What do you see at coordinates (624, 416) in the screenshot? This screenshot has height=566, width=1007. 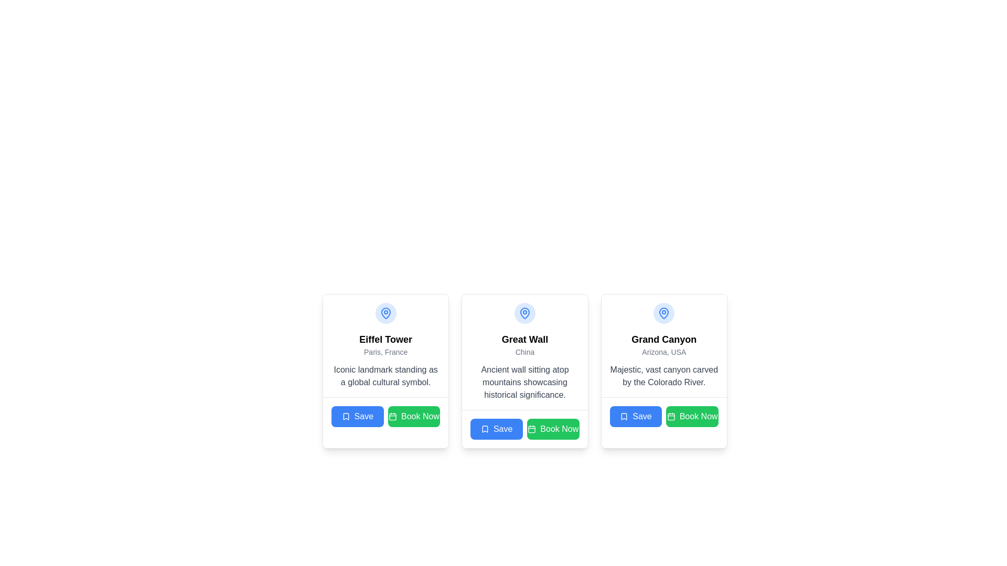 I see `the small bookmark icon located on the left end of the 'Save' button within the 'Grand Canyon' card` at bounding box center [624, 416].